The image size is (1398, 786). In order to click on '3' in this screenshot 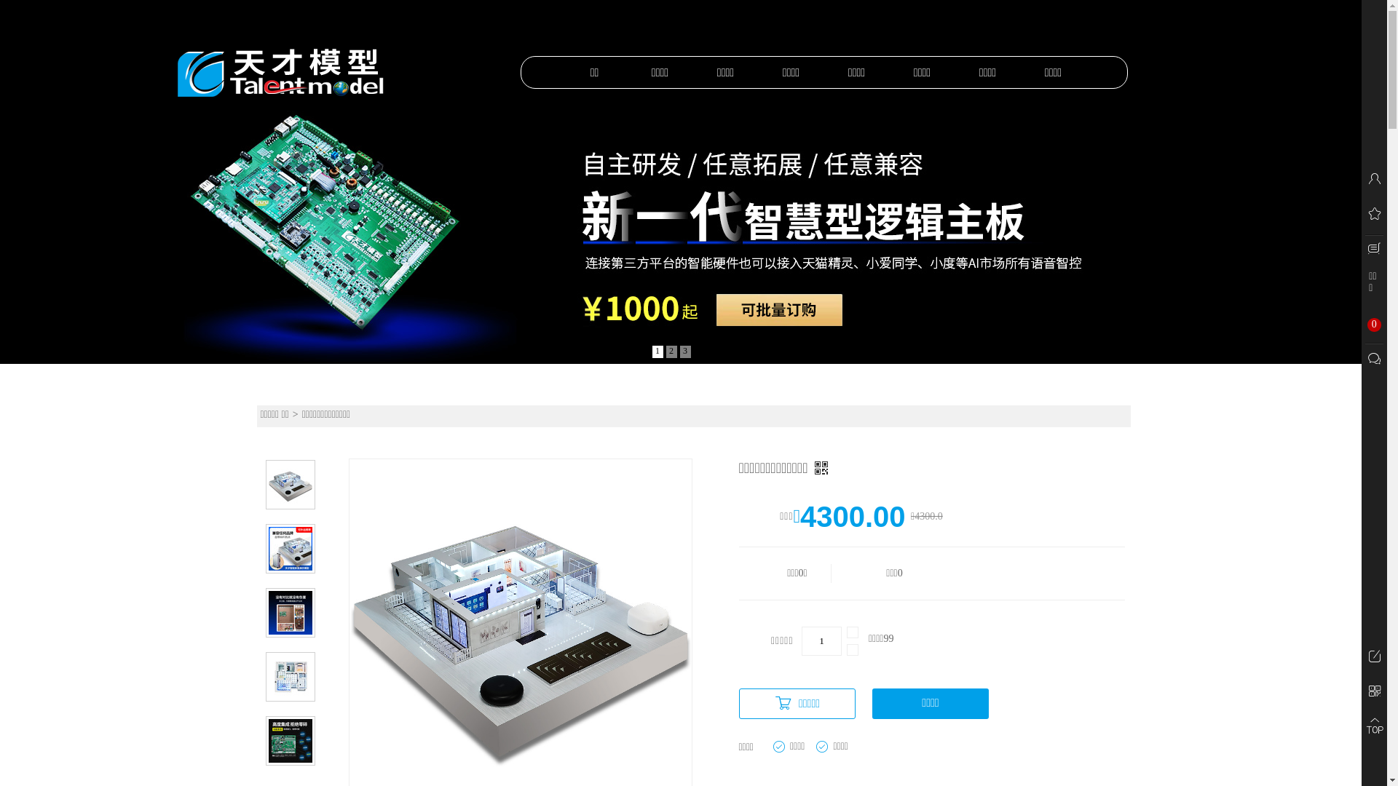, I will do `click(684, 352)`.